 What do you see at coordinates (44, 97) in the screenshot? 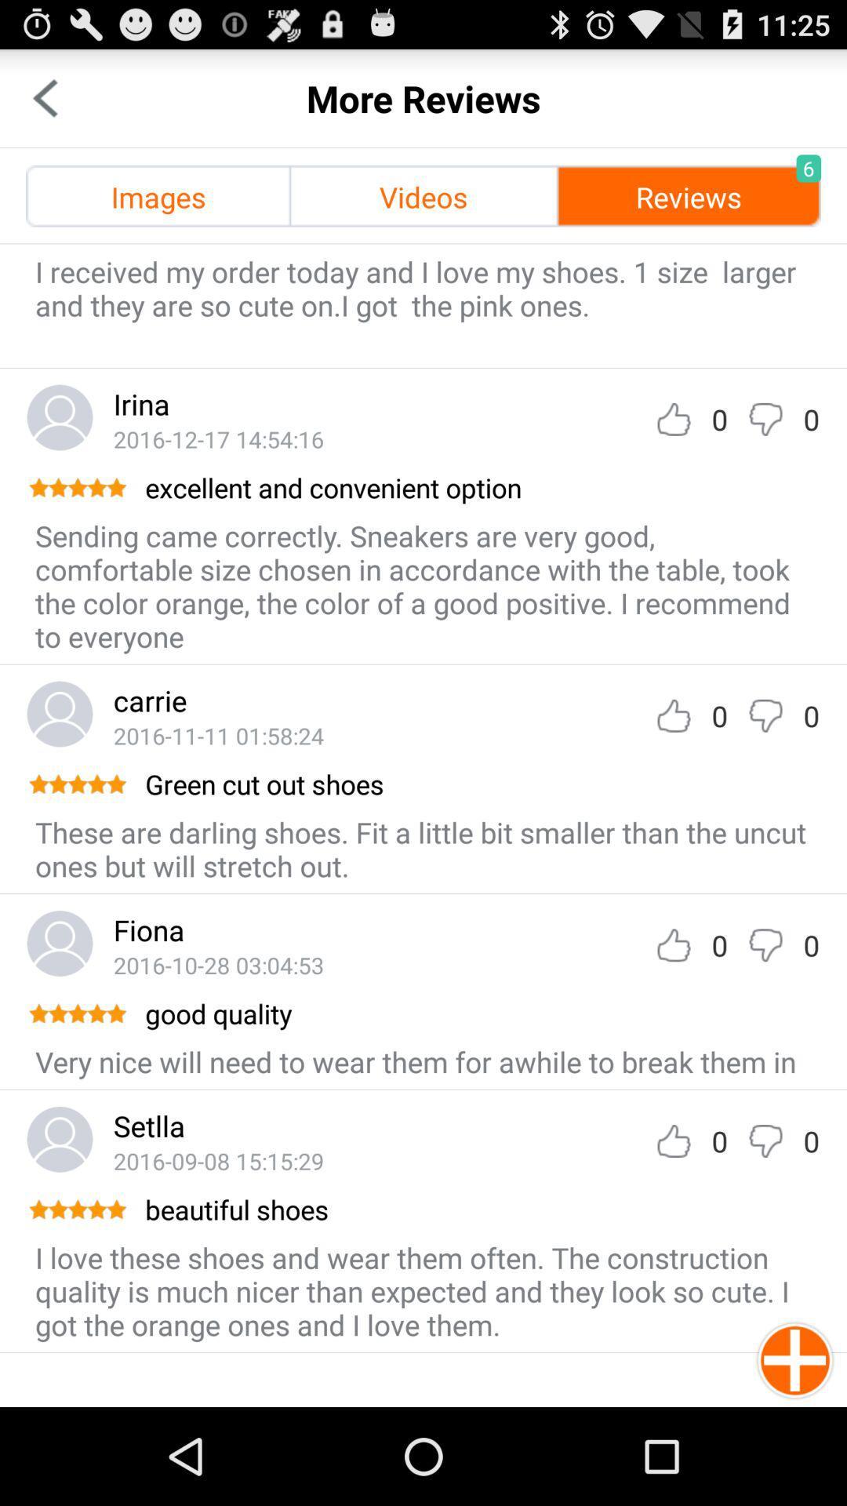
I see `go back` at bounding box center [44, 97].